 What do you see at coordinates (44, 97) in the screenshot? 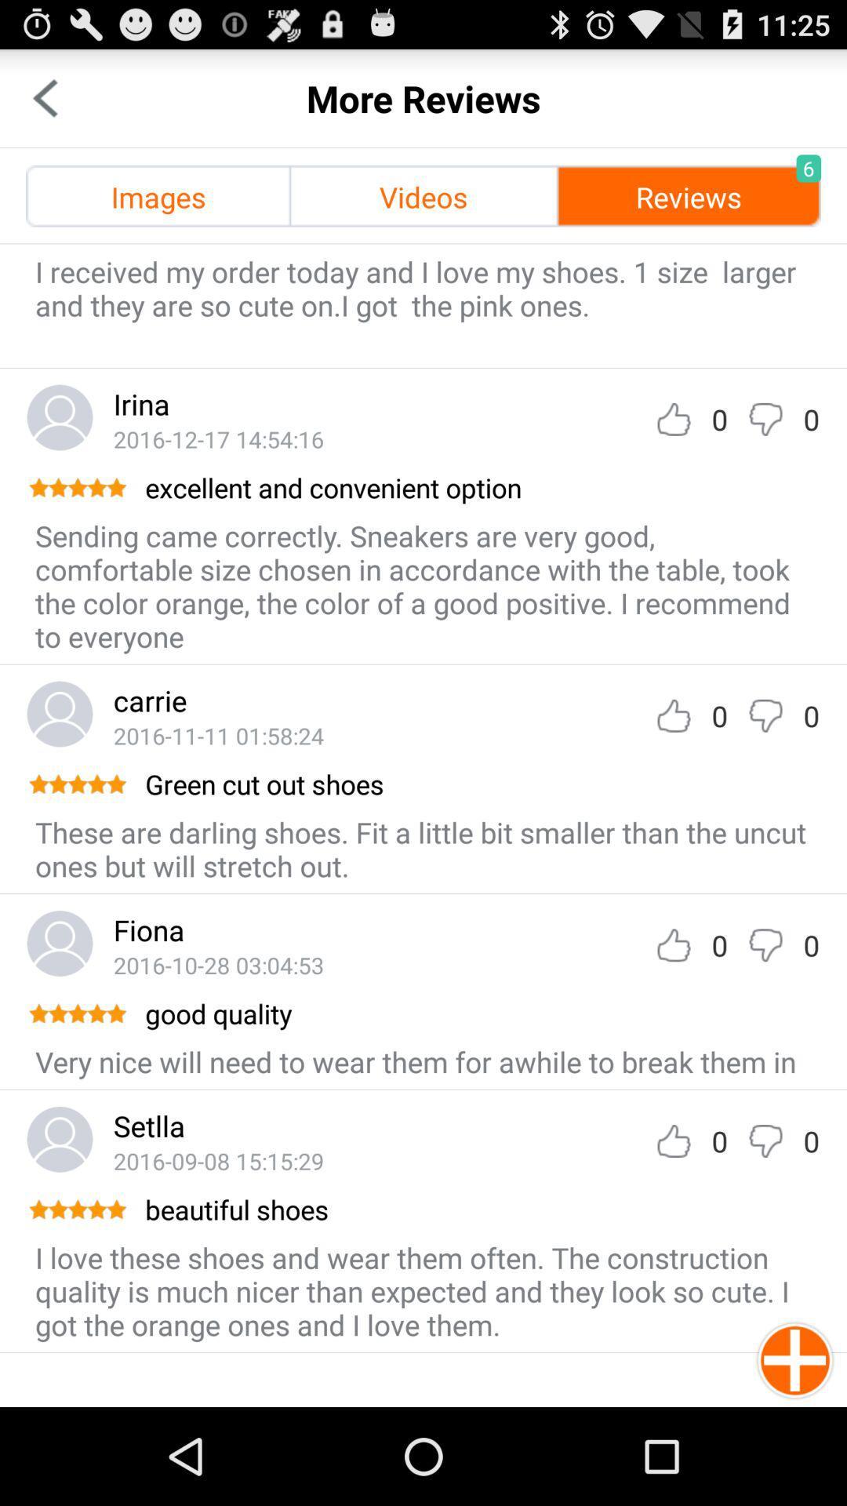
I see `go back` at bounding box center [44, 97].